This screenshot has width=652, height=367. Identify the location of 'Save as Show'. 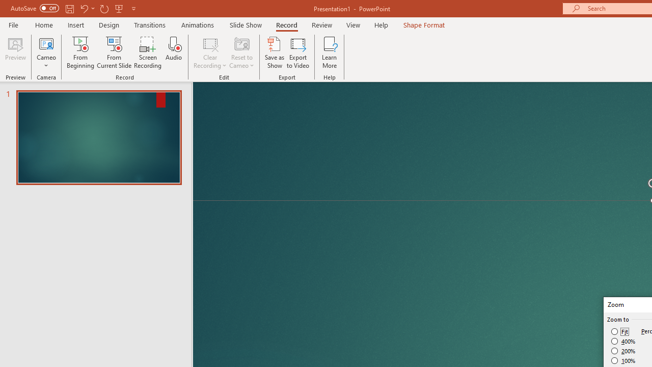
(275, 53).